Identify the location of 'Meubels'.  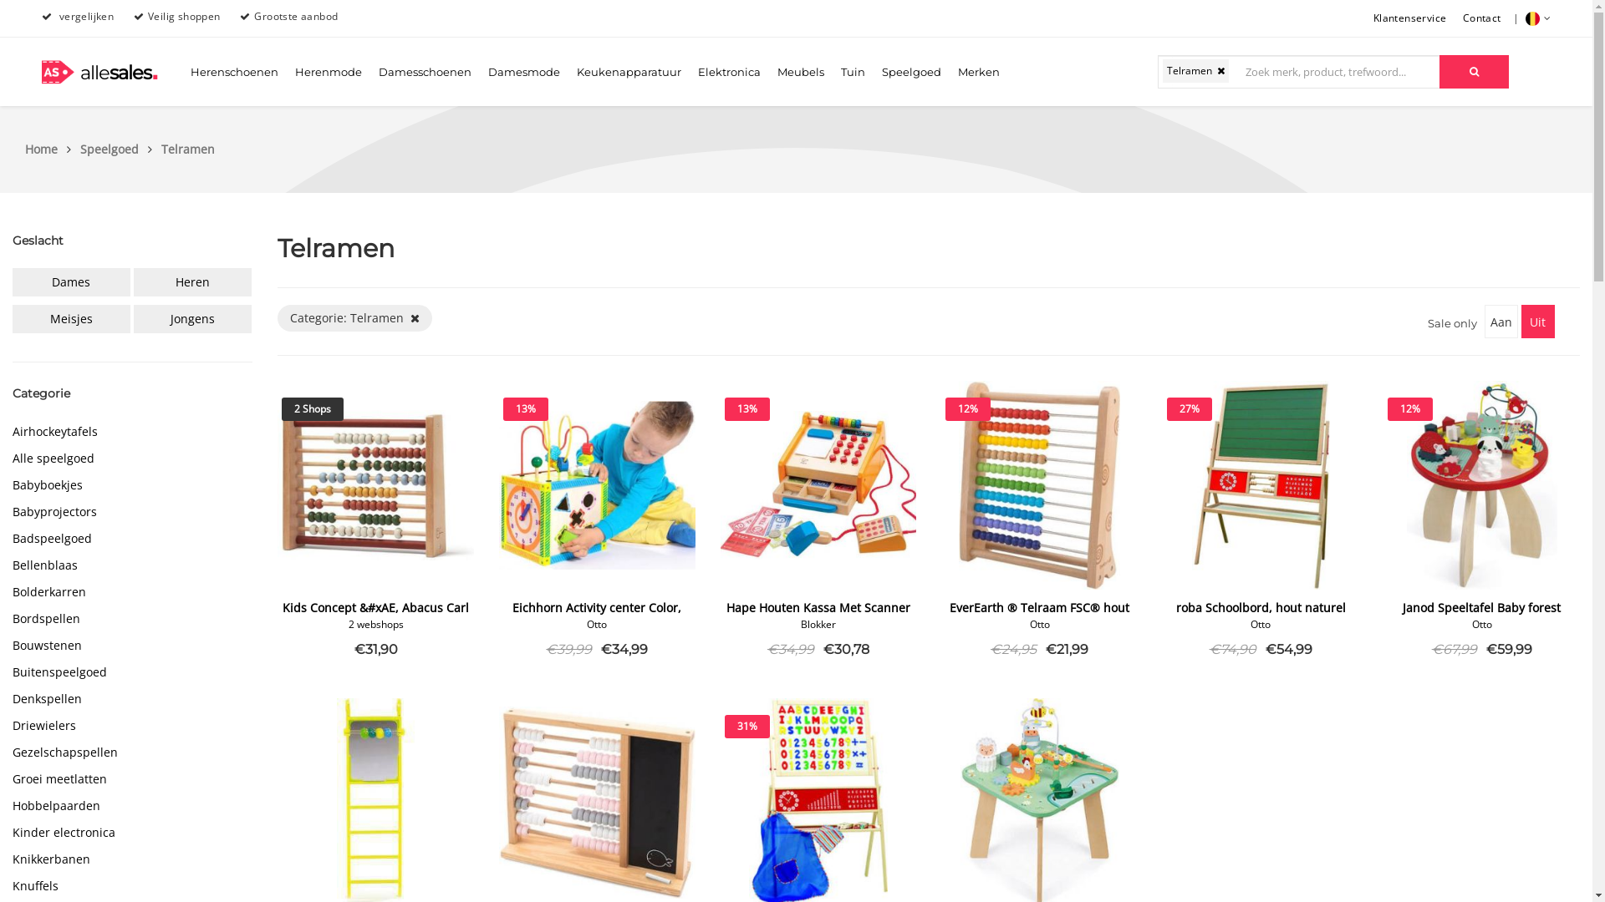
(800, 70).